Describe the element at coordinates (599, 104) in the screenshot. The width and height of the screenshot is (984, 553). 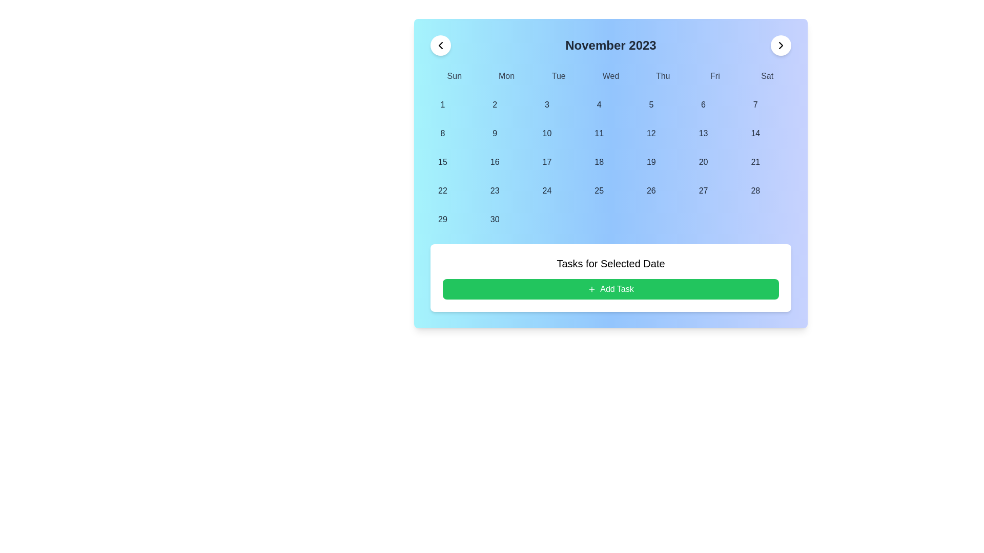
I see `the button representing the date '4' in the November 2023 calendar` at that location.